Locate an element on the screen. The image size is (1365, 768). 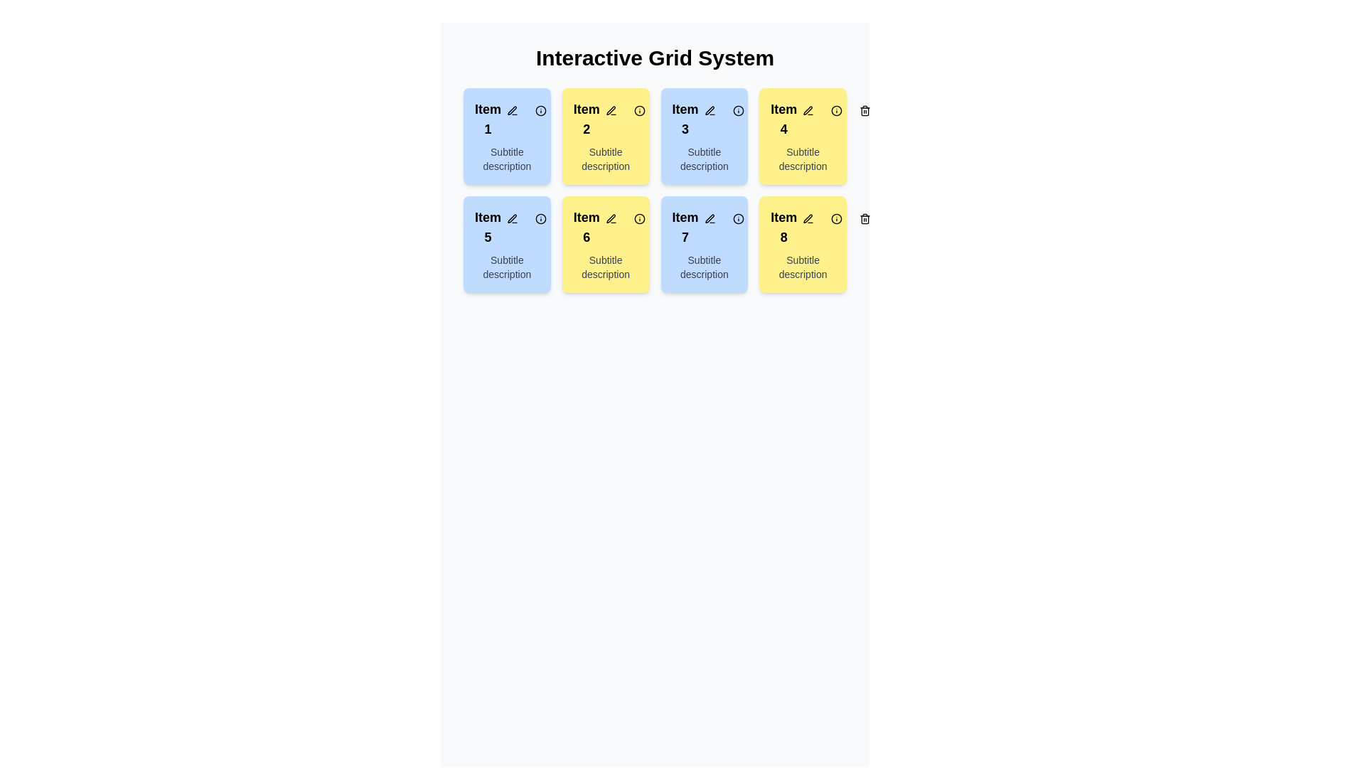
the Text label located at the bottom of the blue-tinted card labeled 'Item 3' is located at coordinates (704, 159).